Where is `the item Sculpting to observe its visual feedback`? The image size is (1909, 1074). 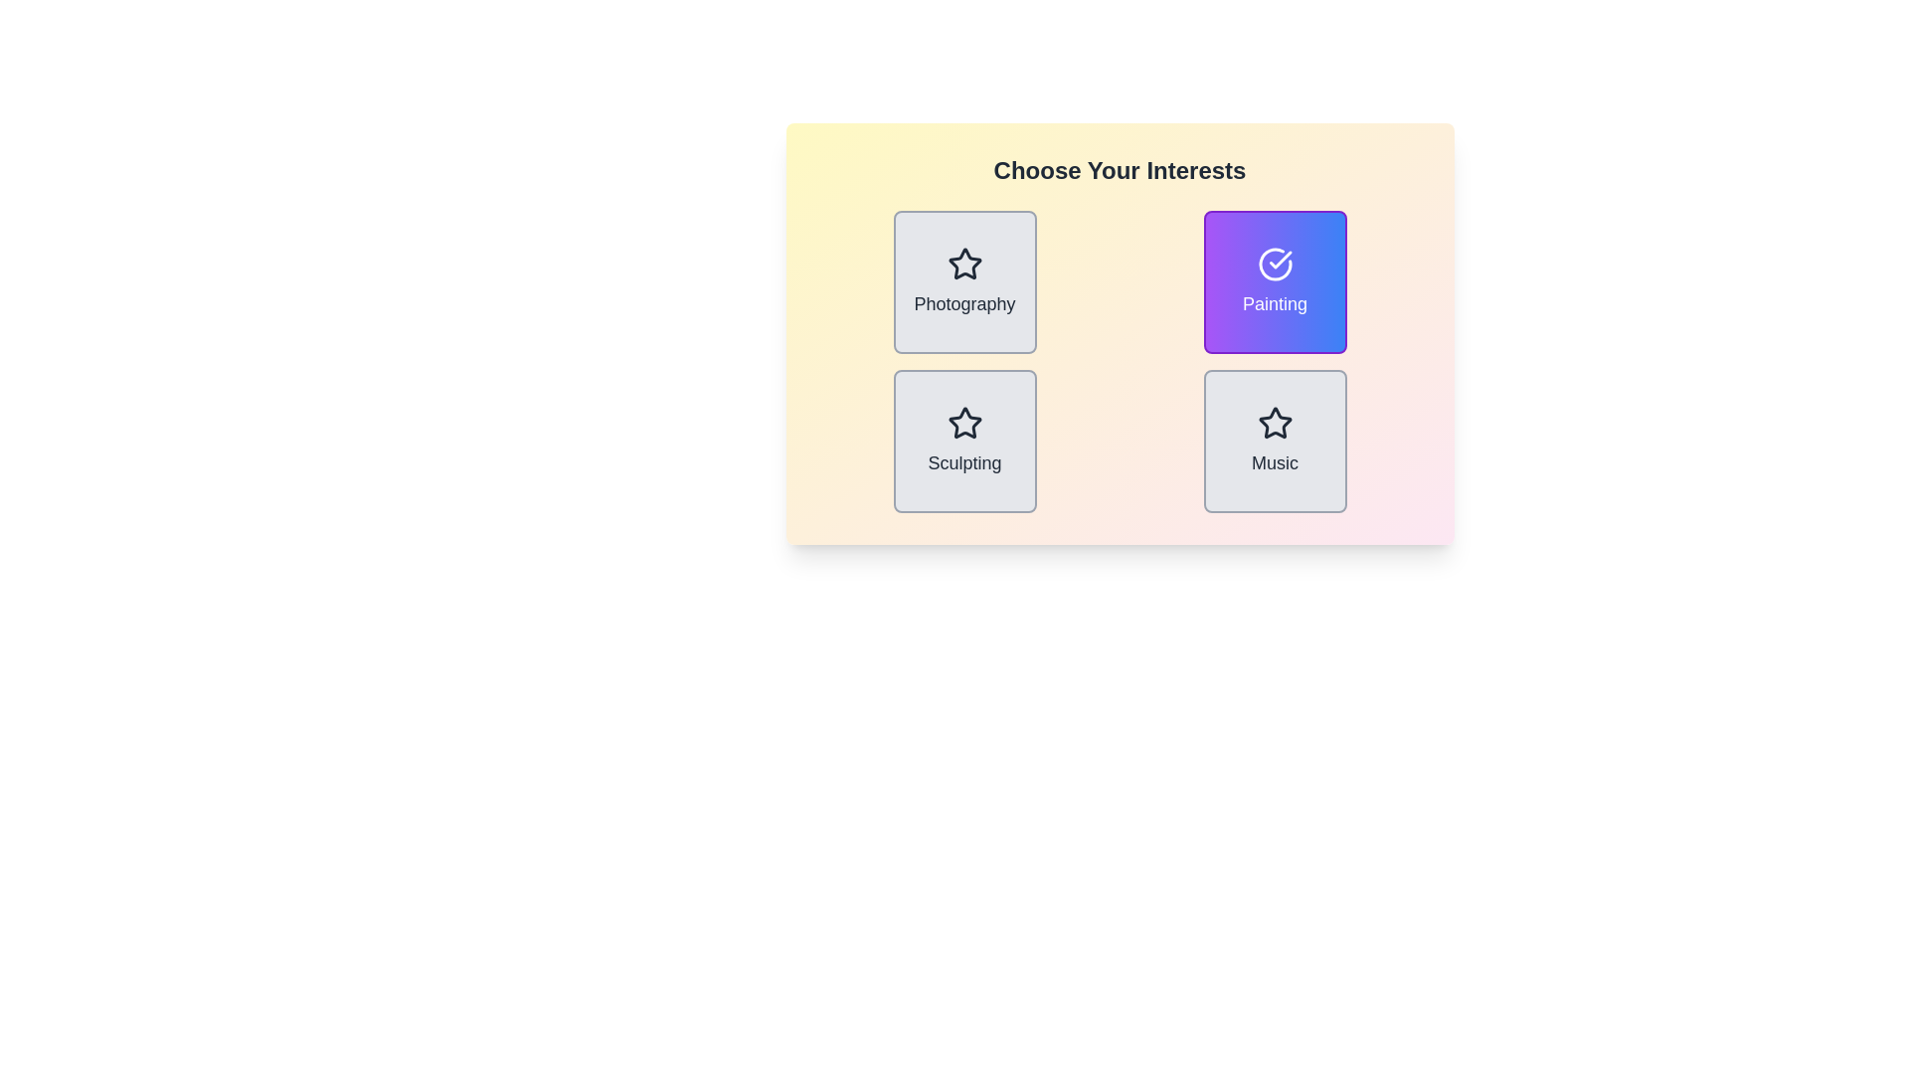 the item Sculpting to observe its visual feedback is located at coordinates (964, 440).